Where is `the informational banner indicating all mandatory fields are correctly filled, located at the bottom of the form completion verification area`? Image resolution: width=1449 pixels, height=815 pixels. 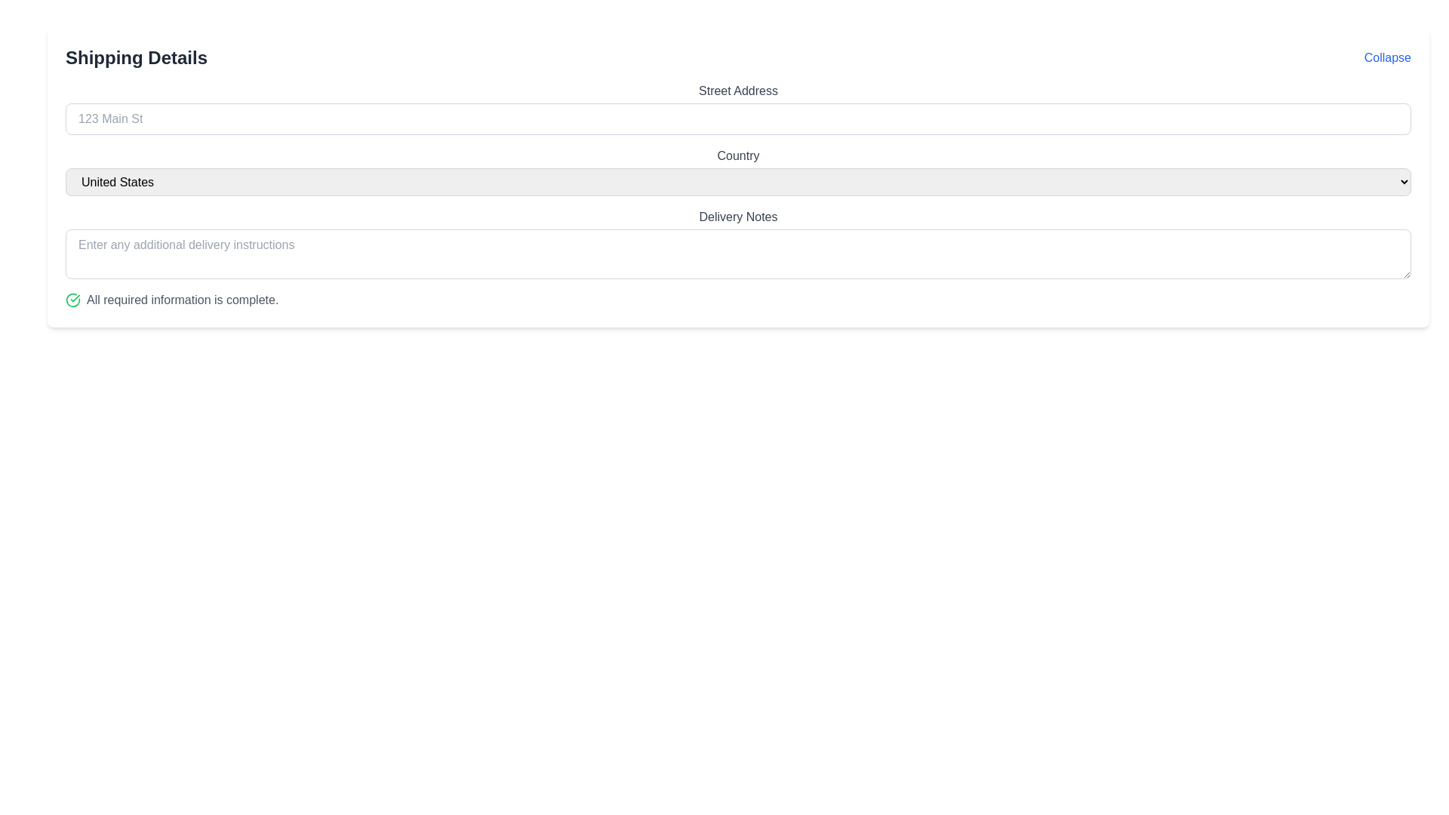
the informational banner indicating all mandatory fields are correctly filled, located at the bottom of the form completion verification area is located at coordinates (738, 300).